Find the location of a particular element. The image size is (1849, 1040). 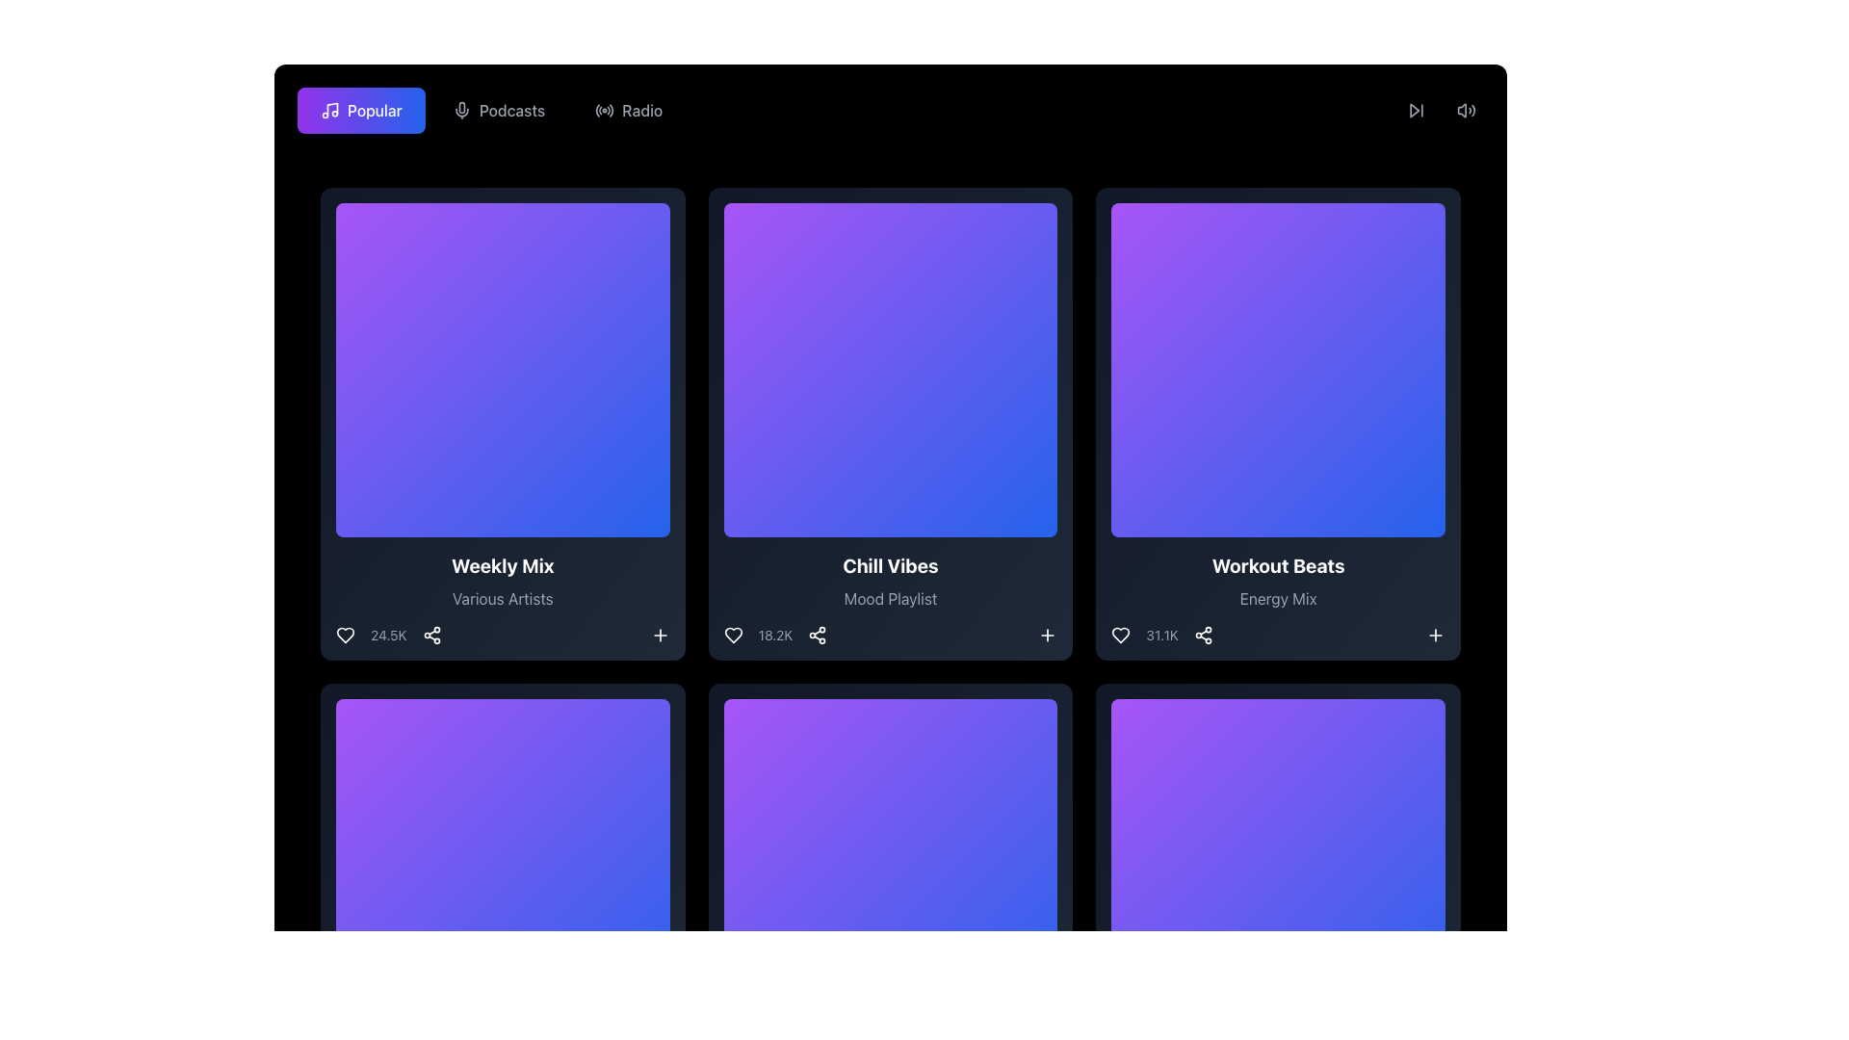

text element labeled 'Workout Beats' which displays bold white text and a smaller light gray text 'Energy Mix' beneath it, located at the bottom-center of the card in the third position of the top row is located at coordinates (1278, 597).